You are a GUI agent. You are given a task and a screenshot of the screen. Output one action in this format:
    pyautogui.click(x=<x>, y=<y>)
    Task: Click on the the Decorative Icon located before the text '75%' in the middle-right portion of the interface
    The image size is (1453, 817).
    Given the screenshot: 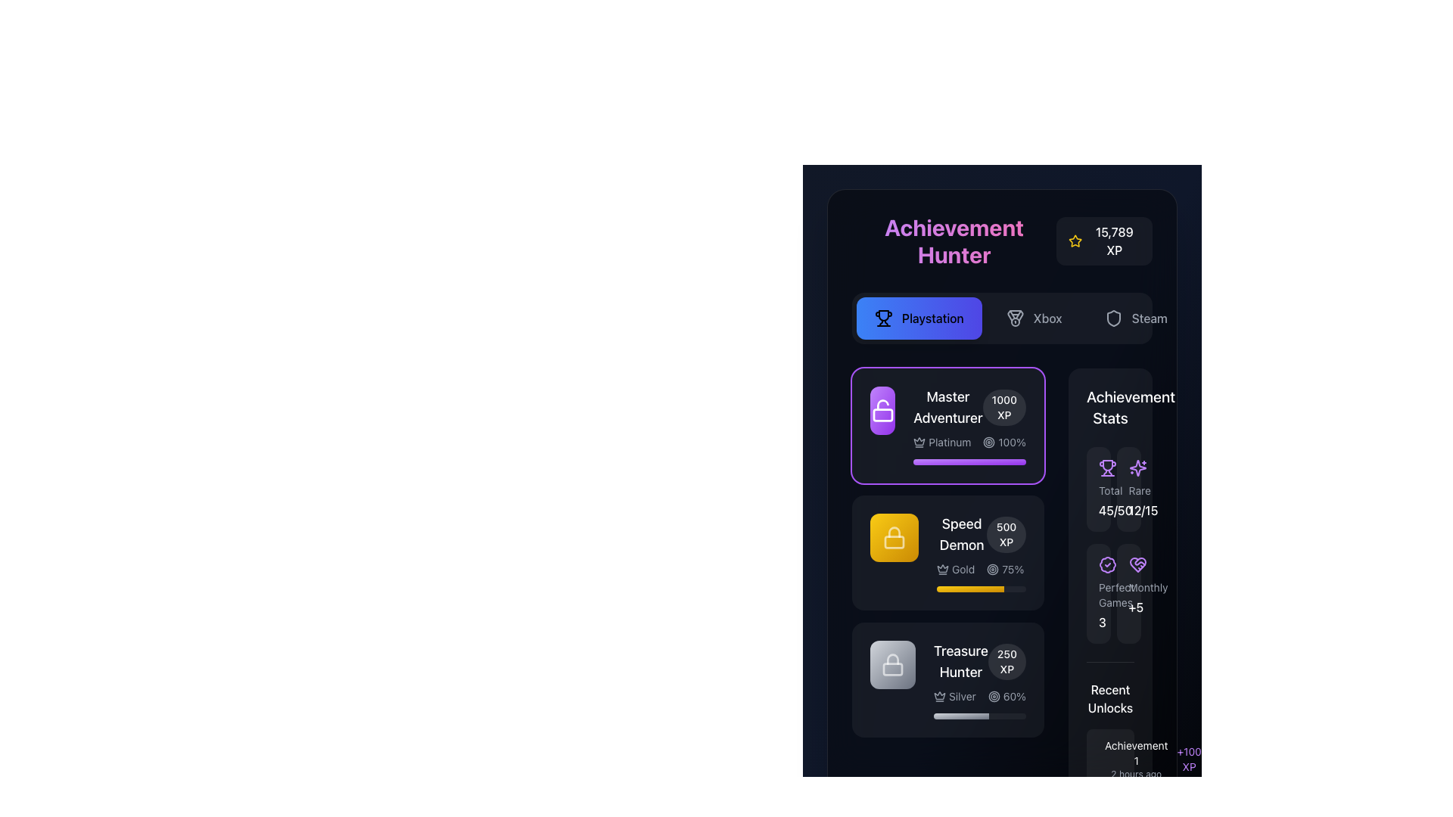 What is the action you would take?
    pyautogui.click(x=993, y=569)
    